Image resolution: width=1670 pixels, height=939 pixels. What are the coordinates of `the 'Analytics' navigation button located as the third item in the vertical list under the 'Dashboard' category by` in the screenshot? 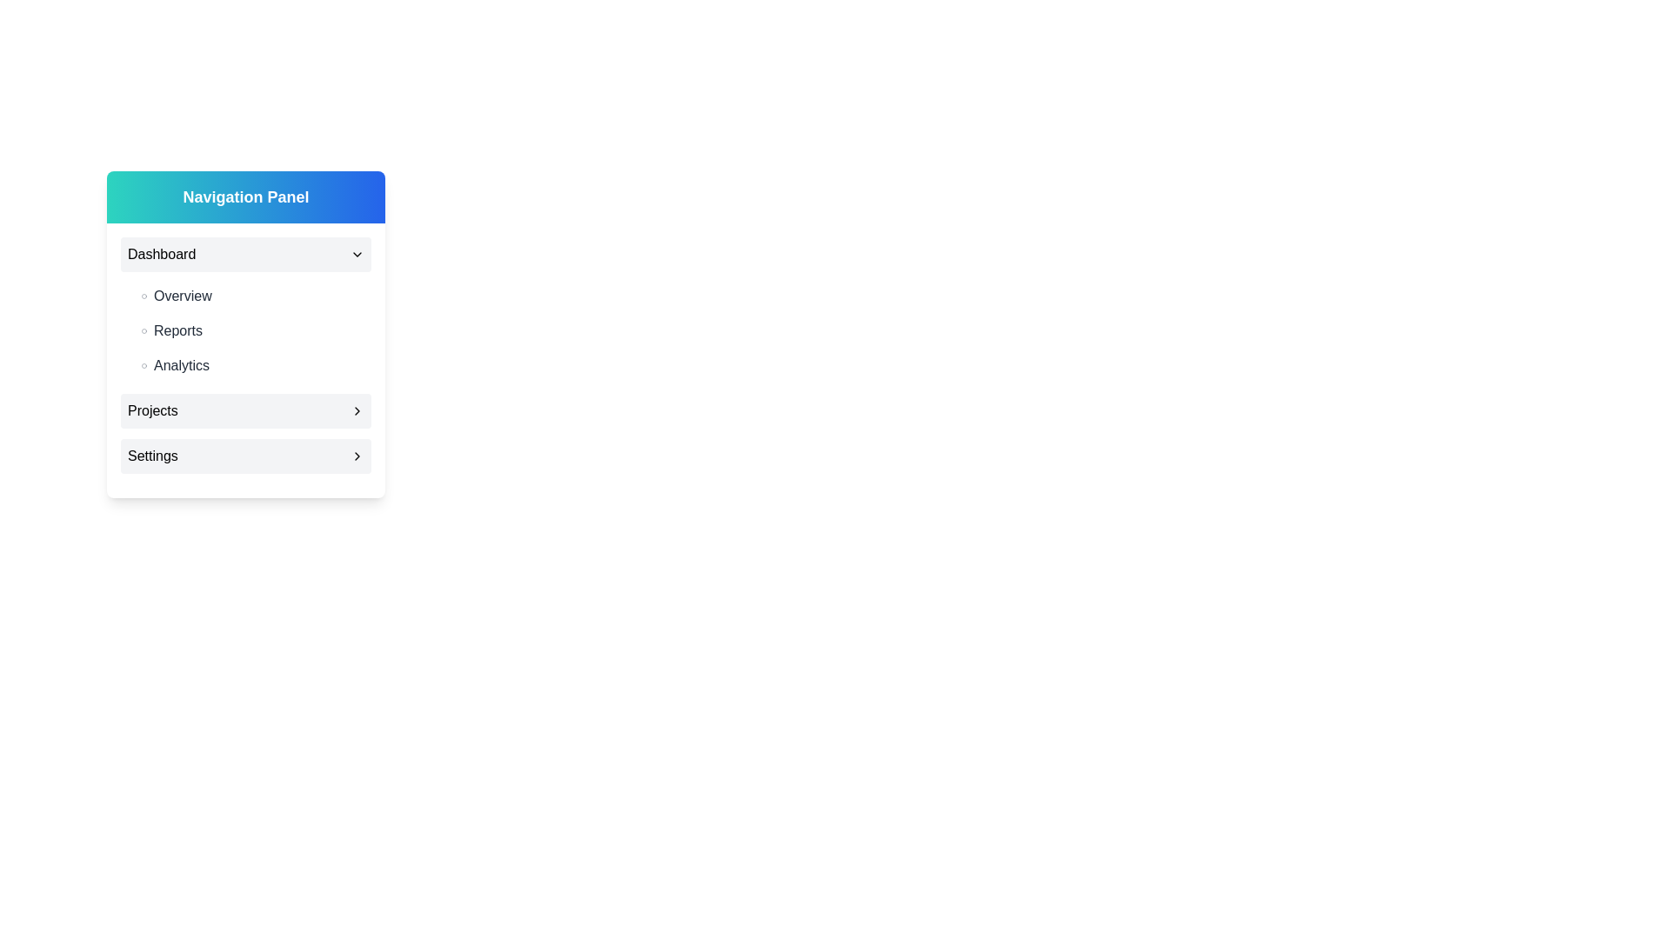 It's located at (252, 364).